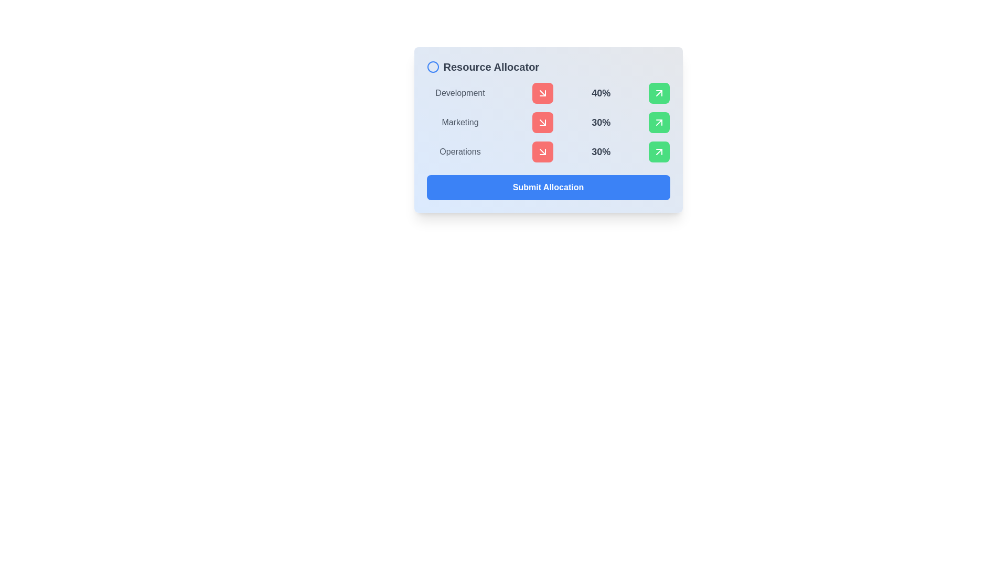  Describe the element at coordinates (460, 122) in the screenshot. I see `the 'Marketing' text label, which indicates the resource category in the allocation layout and is positioned under the 'Resource Allocator' header` at that location.